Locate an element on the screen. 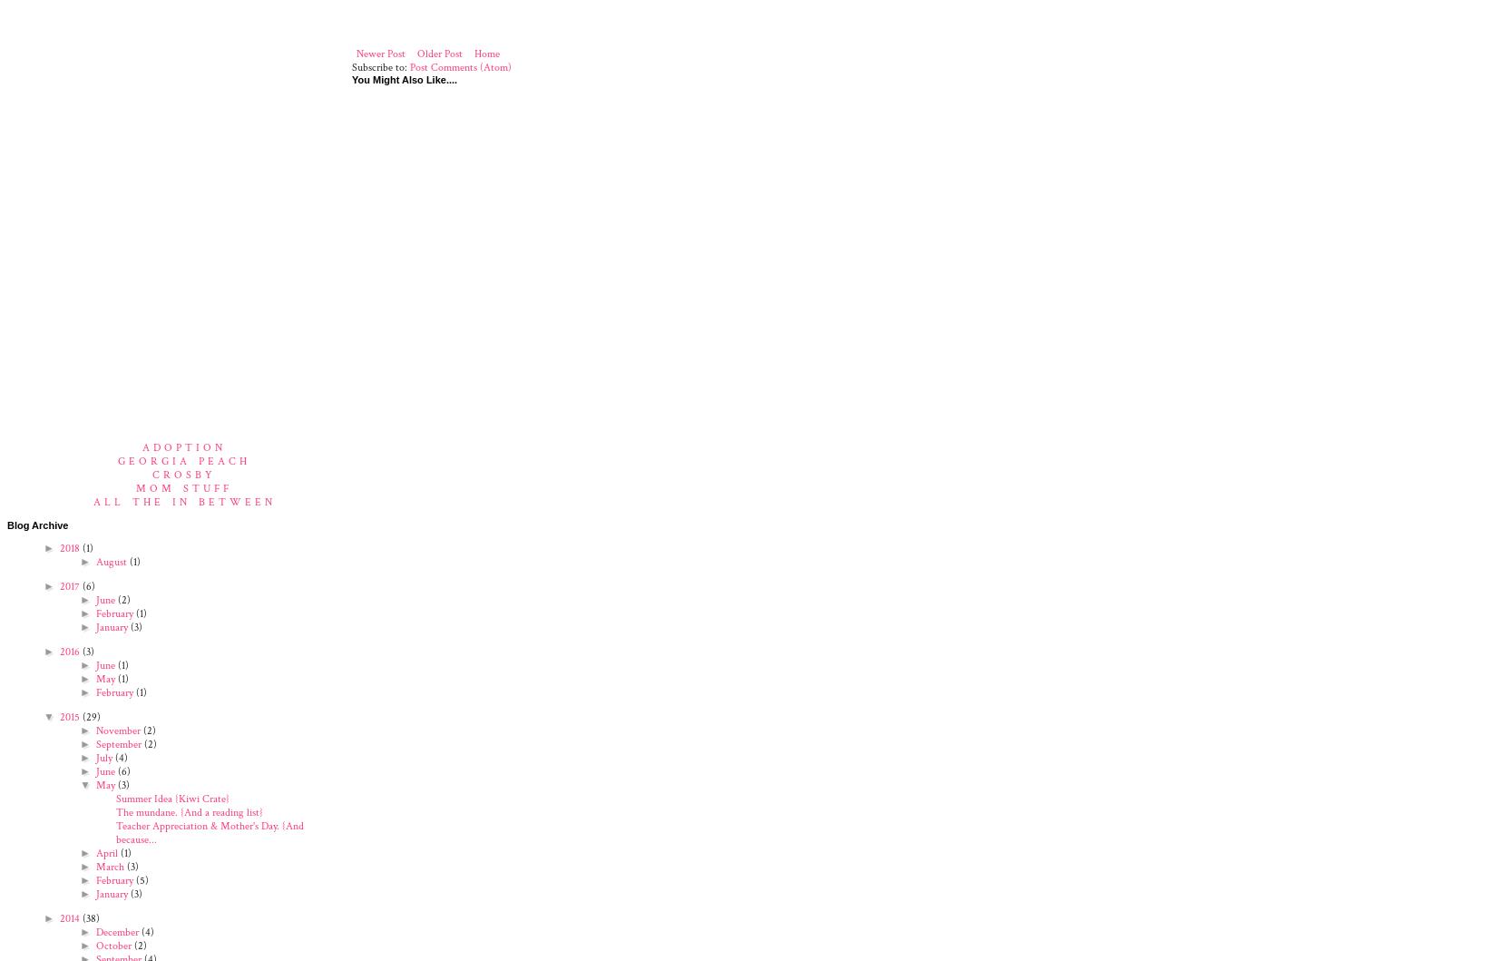  '(38)' is located at coordinates (89, 917).